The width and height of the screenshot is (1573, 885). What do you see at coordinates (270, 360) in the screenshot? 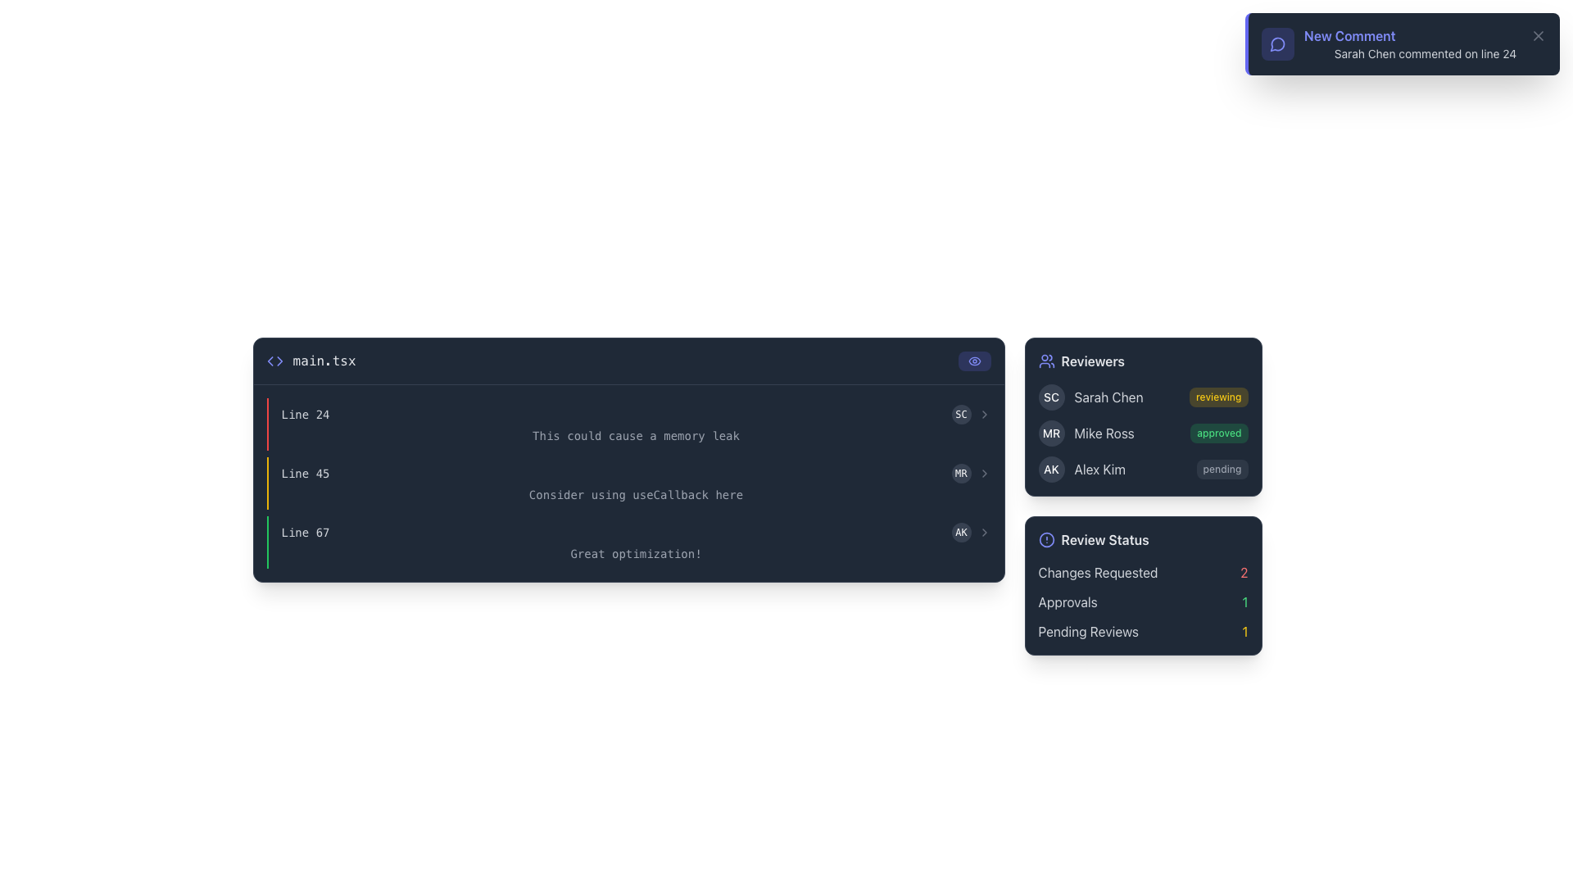
I see `the left-facing arrow icon, which is the second of two directional arrows in the interface, positioned near the top left corner` at bounding box center [270, 360].